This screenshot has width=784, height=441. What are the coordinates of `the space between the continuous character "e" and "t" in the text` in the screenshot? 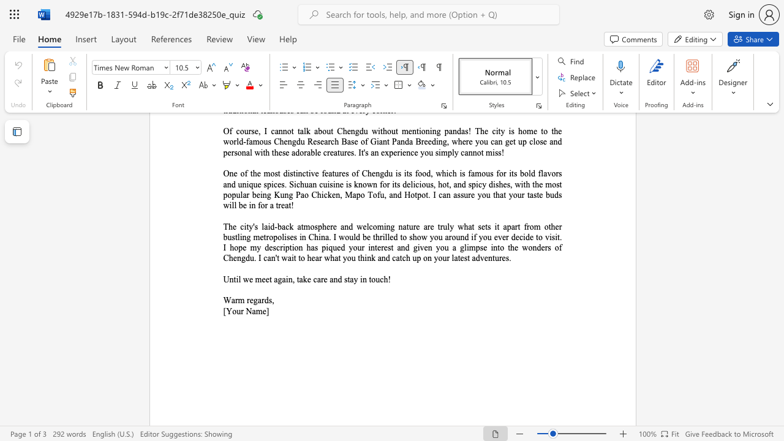 It's located at (268, 279).